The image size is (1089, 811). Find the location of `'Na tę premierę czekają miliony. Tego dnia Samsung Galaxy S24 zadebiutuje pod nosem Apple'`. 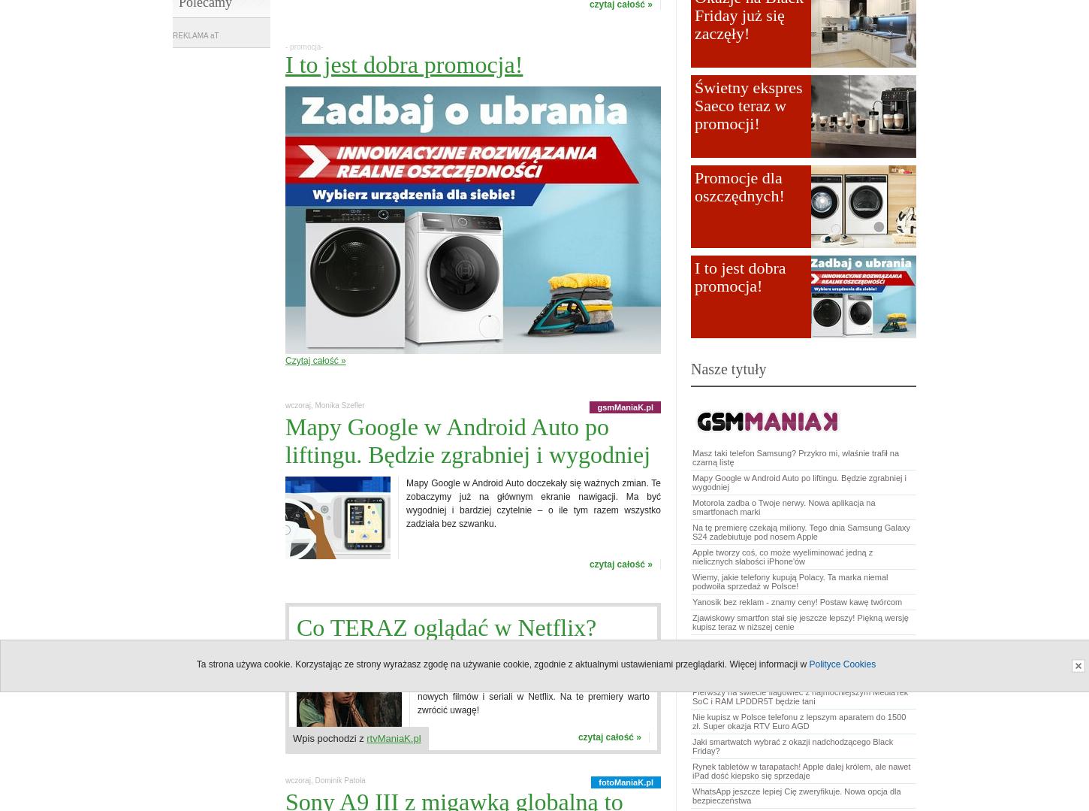

'Na tę premierę czekają miliony. Tego dnia Samsung Galaxy S24 zadebiutuje pod nosem Apple' is located at coordinates (801, 531).